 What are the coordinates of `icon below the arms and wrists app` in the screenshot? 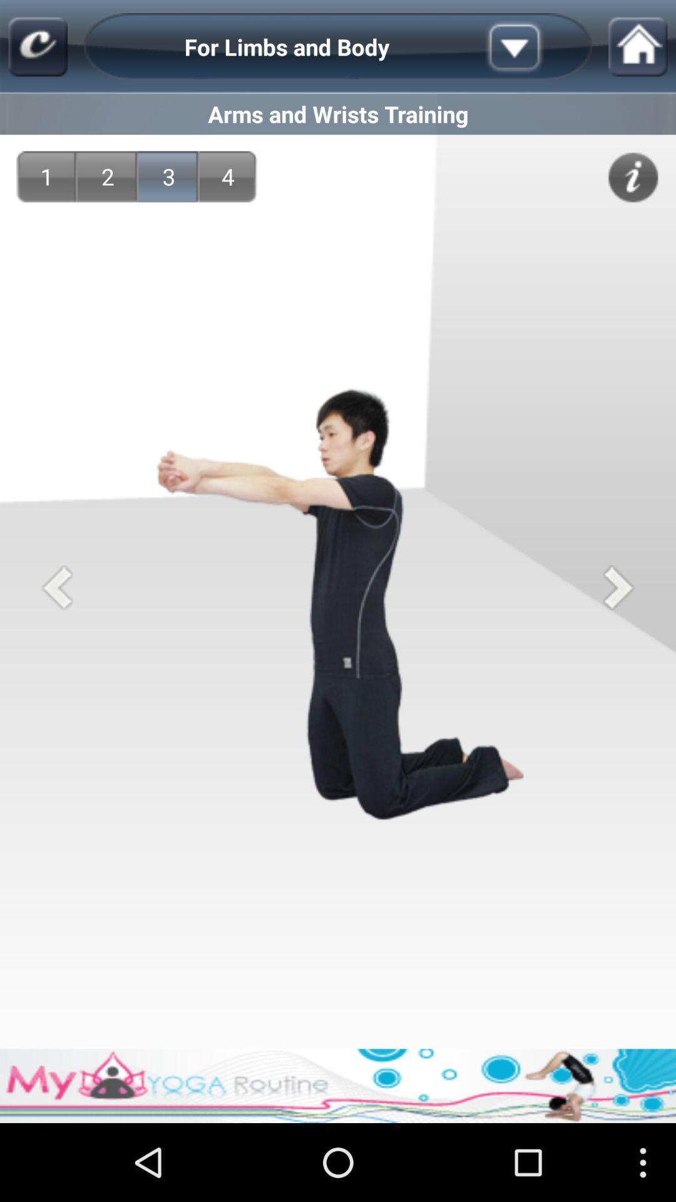 It's located at (46, 176).